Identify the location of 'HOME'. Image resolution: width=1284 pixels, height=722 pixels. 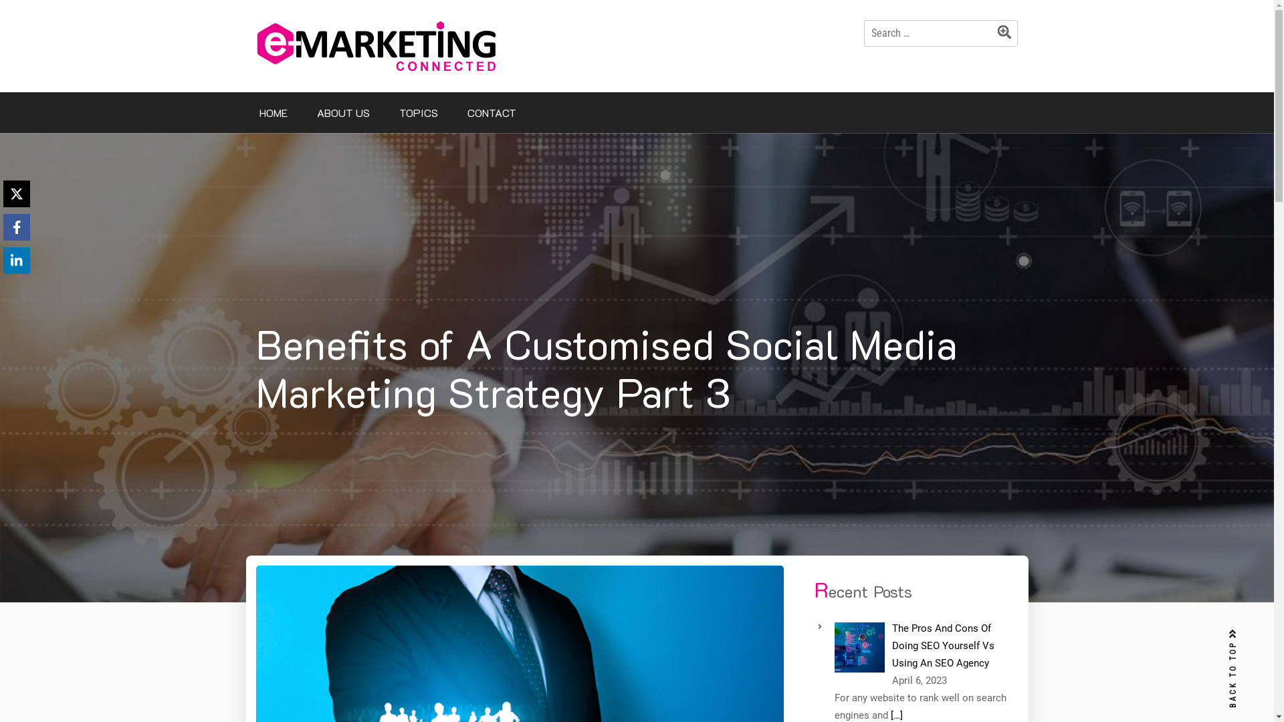
(272, 112).